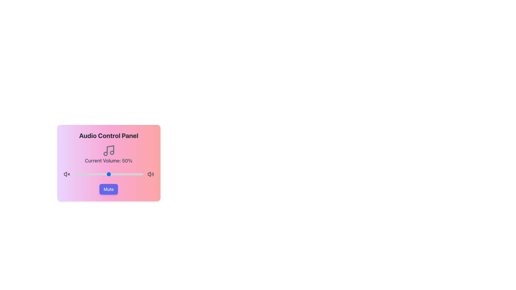 The height and width of the screenshot is (290, 516). I want to click on the mute audio button located in the Audio Control Panel to change its background color, so click(108, 189).